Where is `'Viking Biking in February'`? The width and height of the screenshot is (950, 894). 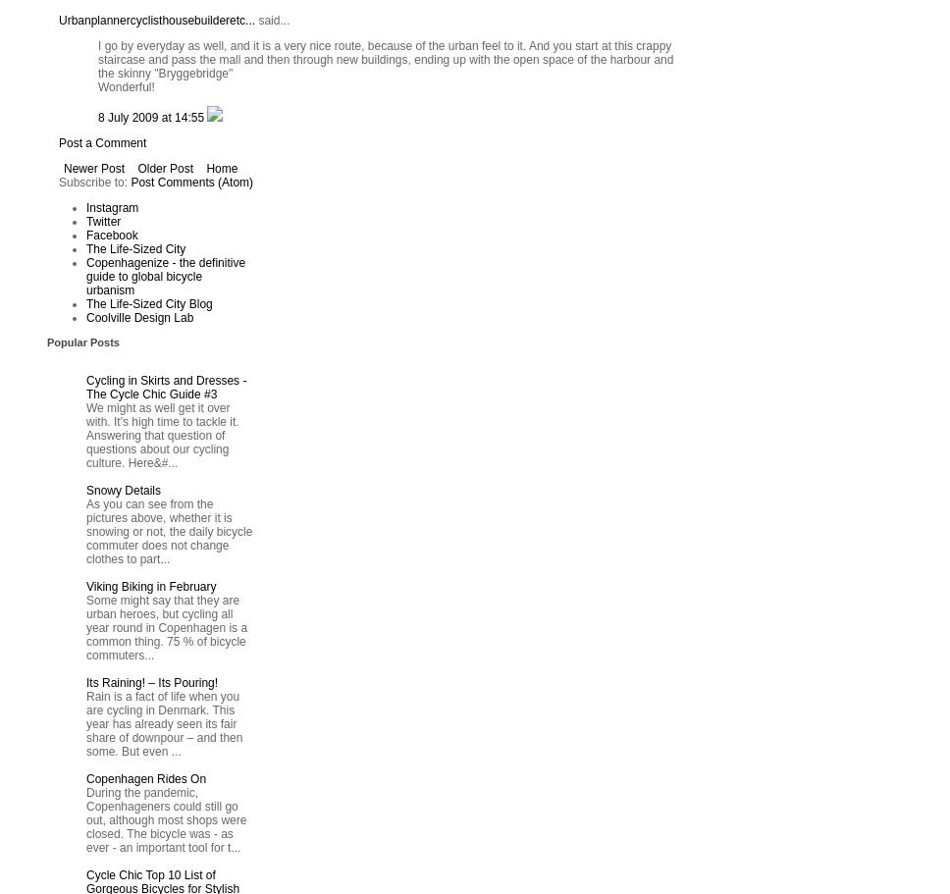 'Viking Biking in February' is located at coordinates (150, 585).